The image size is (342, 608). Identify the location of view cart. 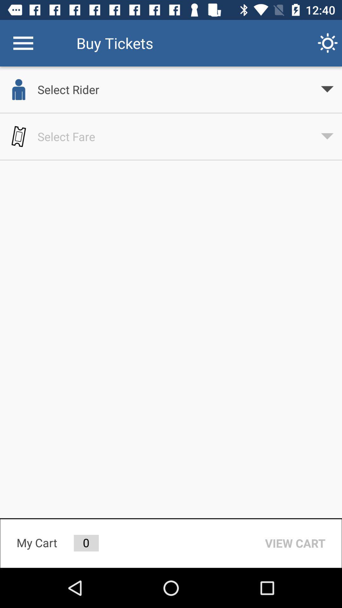
(295, 543).